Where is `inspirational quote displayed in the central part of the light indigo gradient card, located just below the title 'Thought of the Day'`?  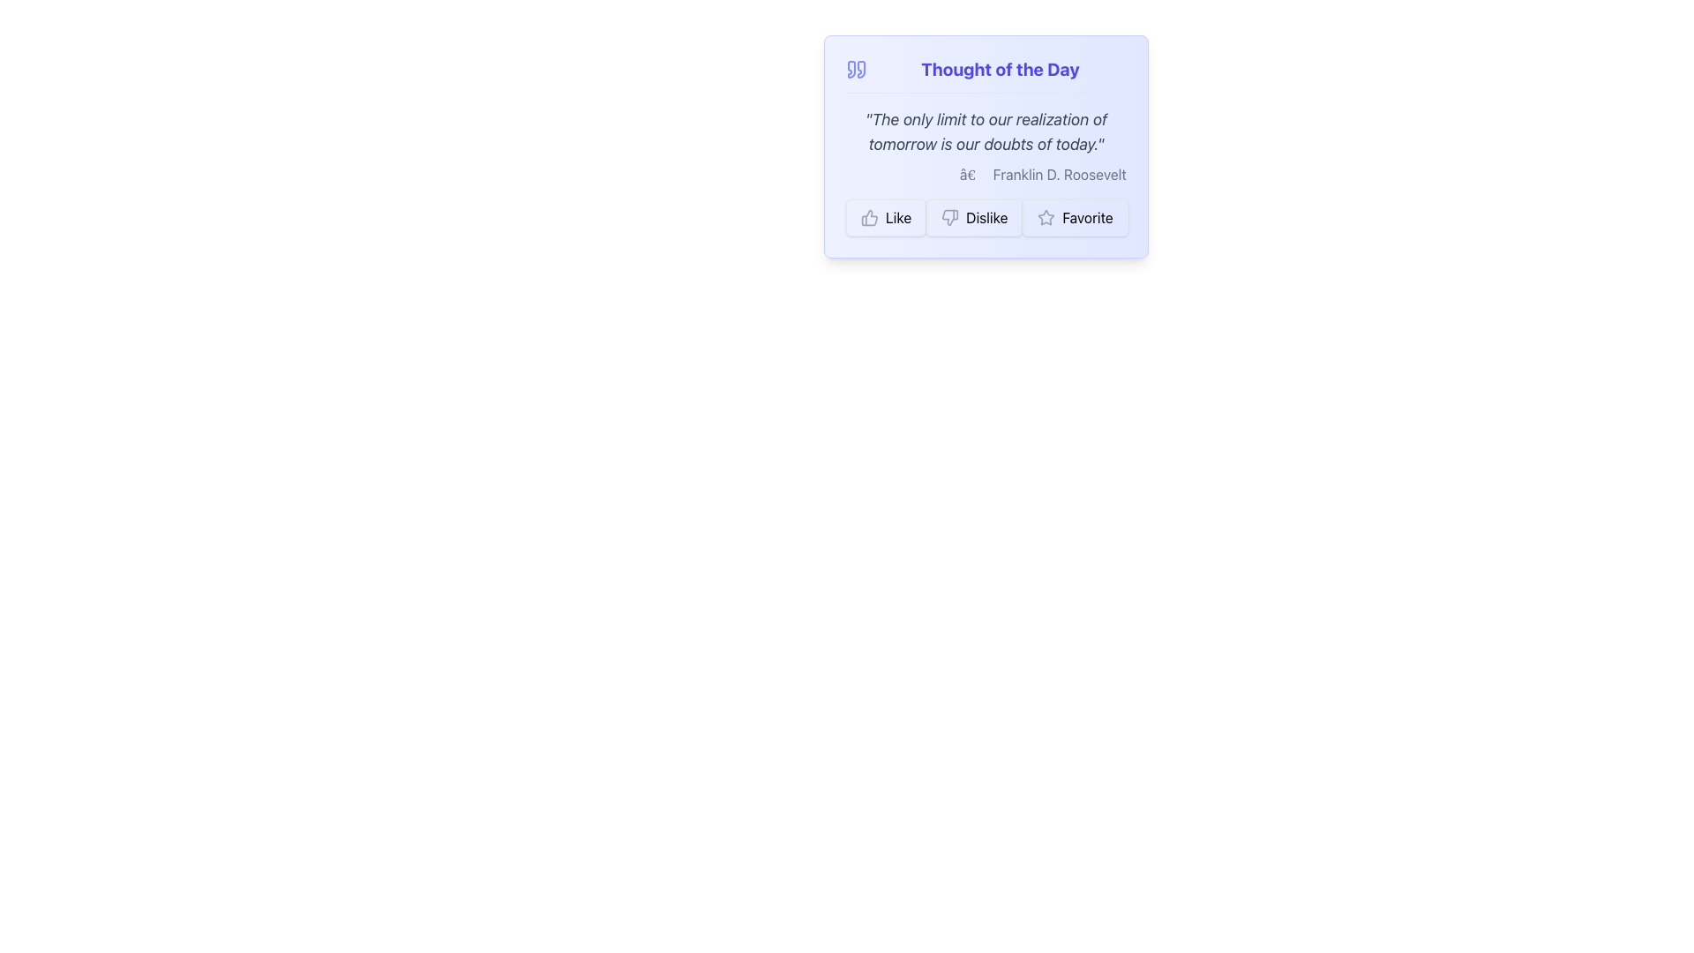
inspirational quote displayed in the central part of the light indigo gradient card, located just below the title 'Thought of the Day' is located at coordinates (986, 131).